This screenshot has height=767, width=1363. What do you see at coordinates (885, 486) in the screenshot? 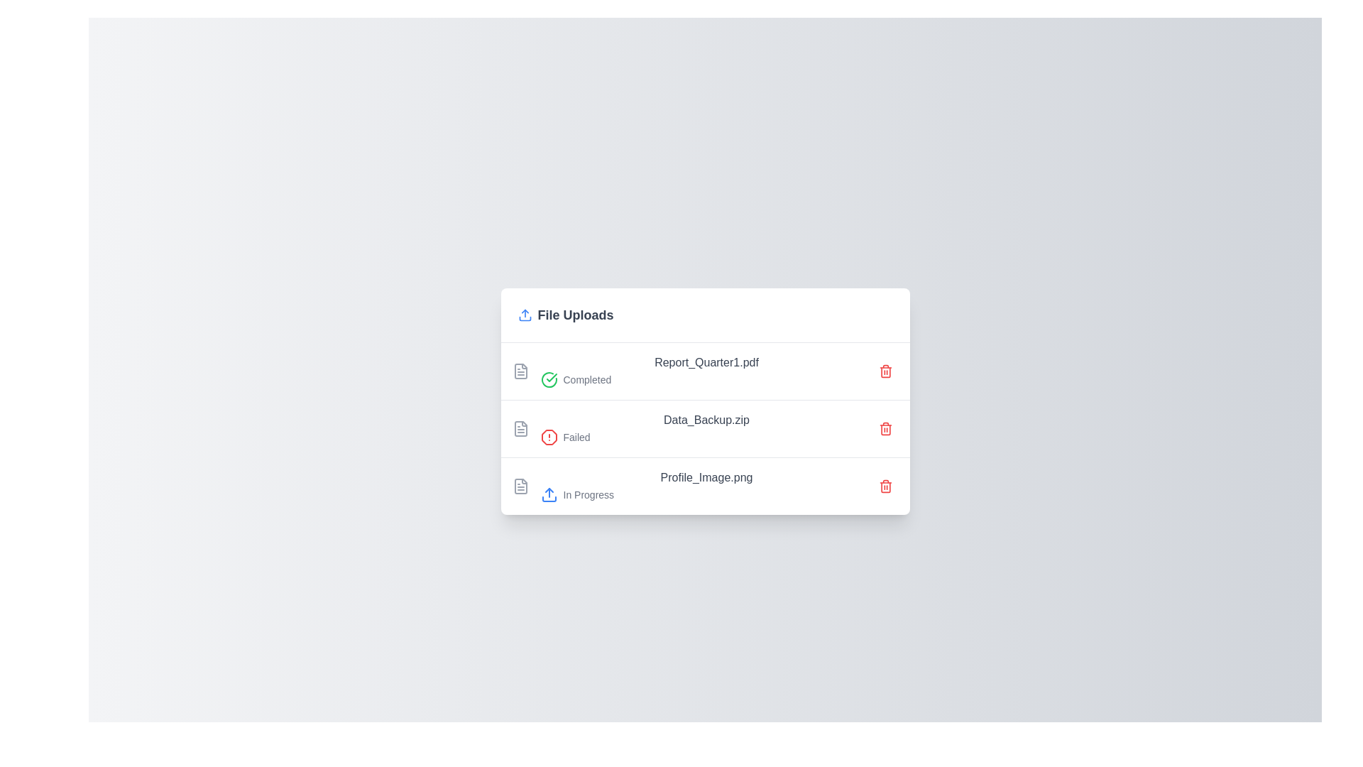
I see `the main body of the trash can icon, which represents the delete action, to initiate deletion` at bounding box center [885, 486].